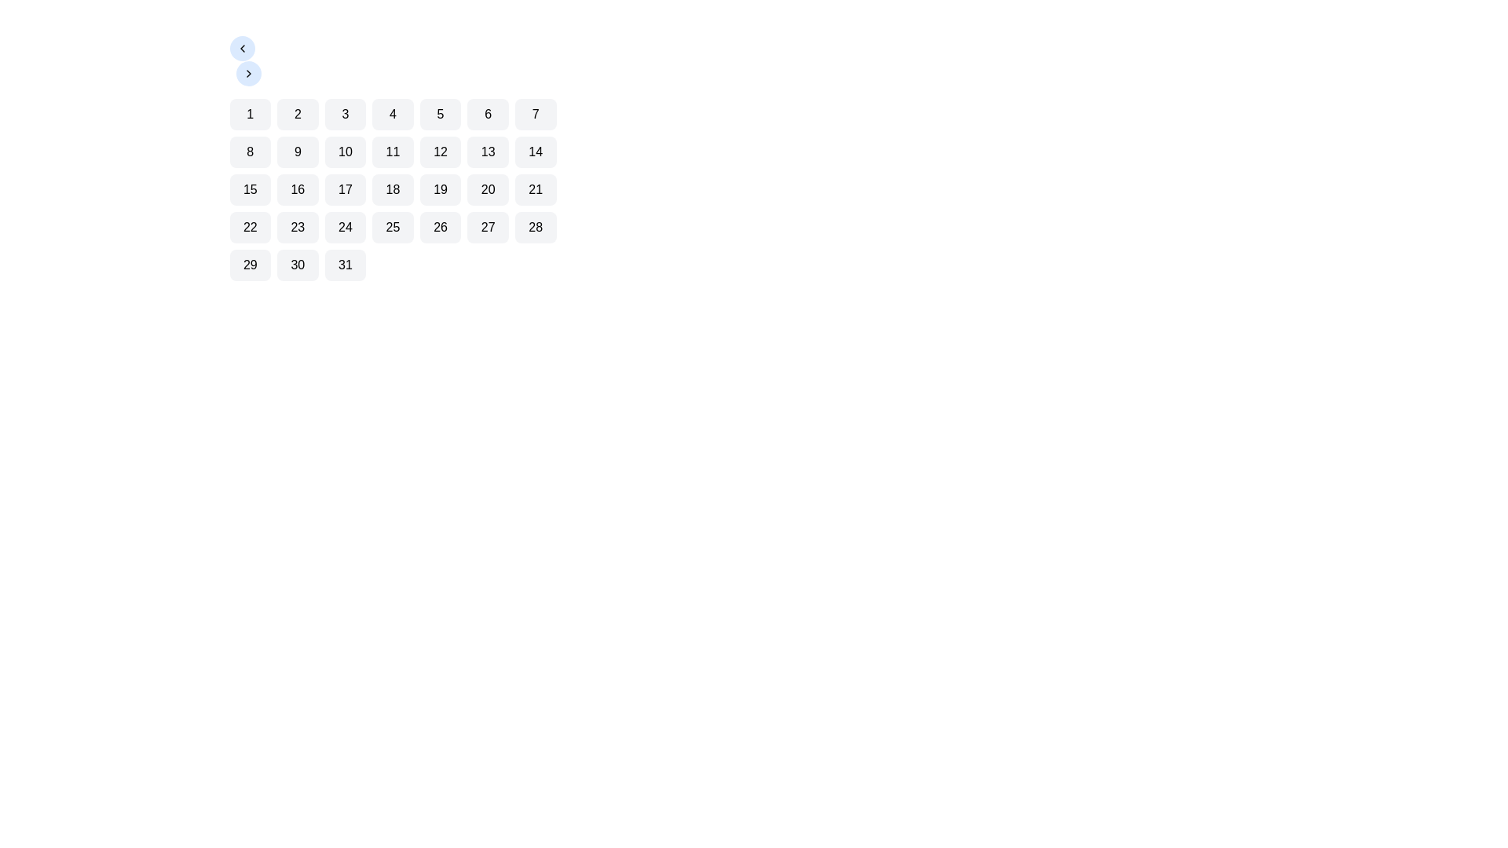 The image size is (1508, 848). Describe the element at coordinates (440, 114) in the screenshot. I see `the button displaying the number '5' located in the first row and fifth column of a grid` at that location.